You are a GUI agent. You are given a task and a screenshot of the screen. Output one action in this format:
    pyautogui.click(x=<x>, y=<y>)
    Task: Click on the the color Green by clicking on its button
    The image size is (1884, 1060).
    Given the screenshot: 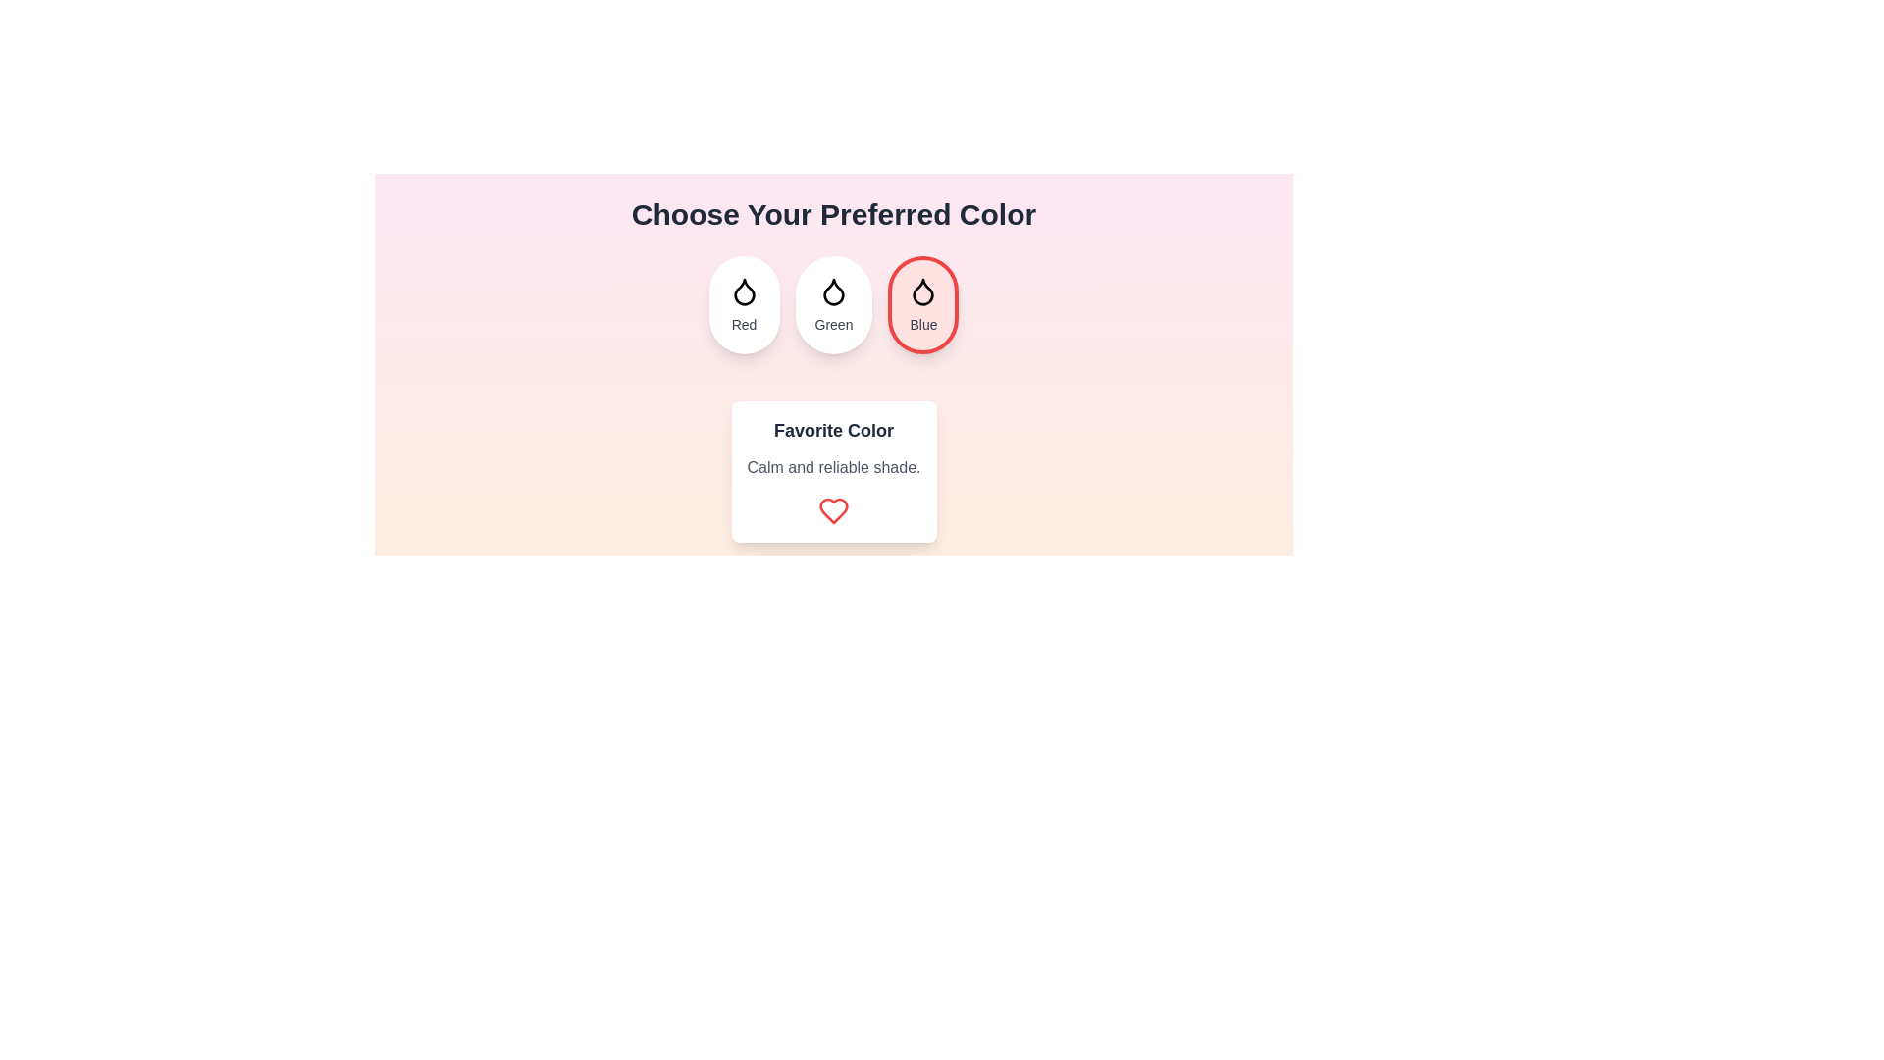 What is the action you would take?
    pyautogui.click(x=833, y=305)
    